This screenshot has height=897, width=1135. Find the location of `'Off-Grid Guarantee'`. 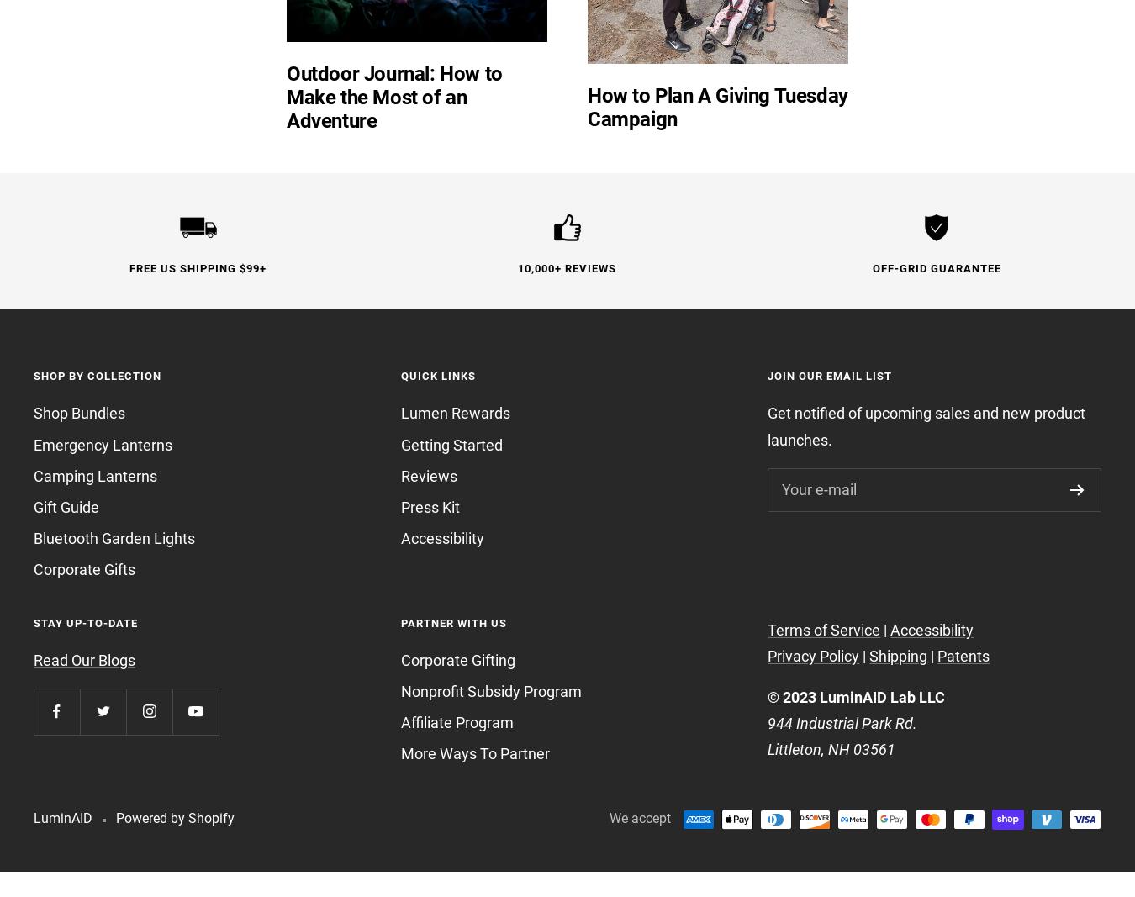

'Off-Grid Guarantee' is located at coordinates (936, 268).